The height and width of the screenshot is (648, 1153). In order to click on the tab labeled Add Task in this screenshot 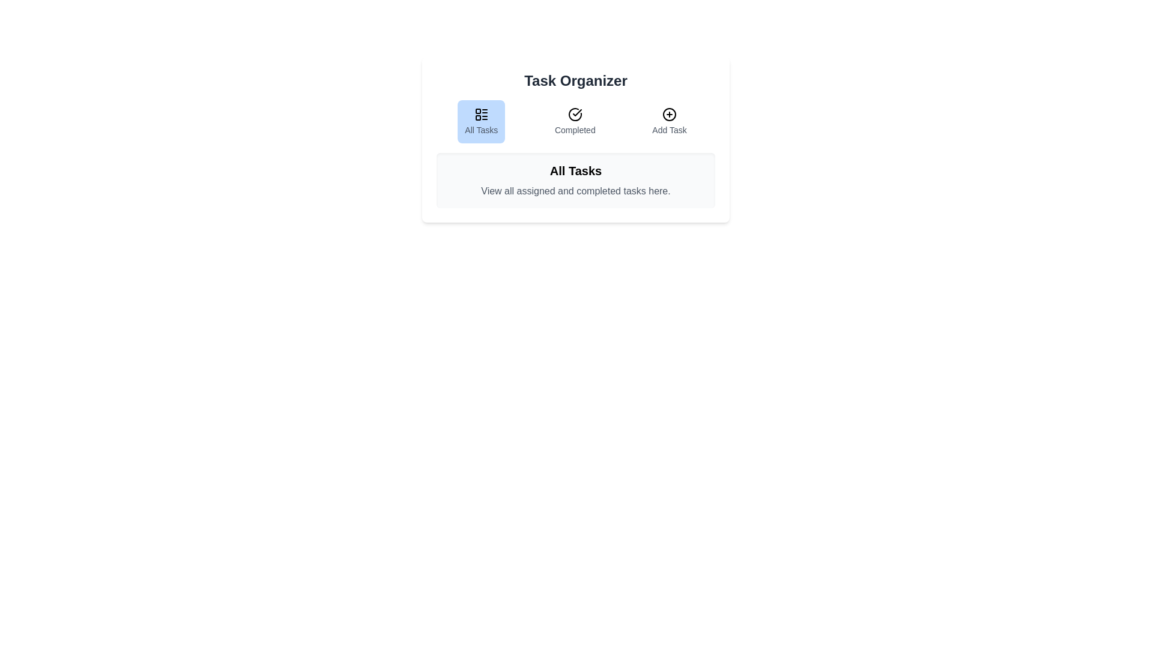, I will do `click(668, 122)`.